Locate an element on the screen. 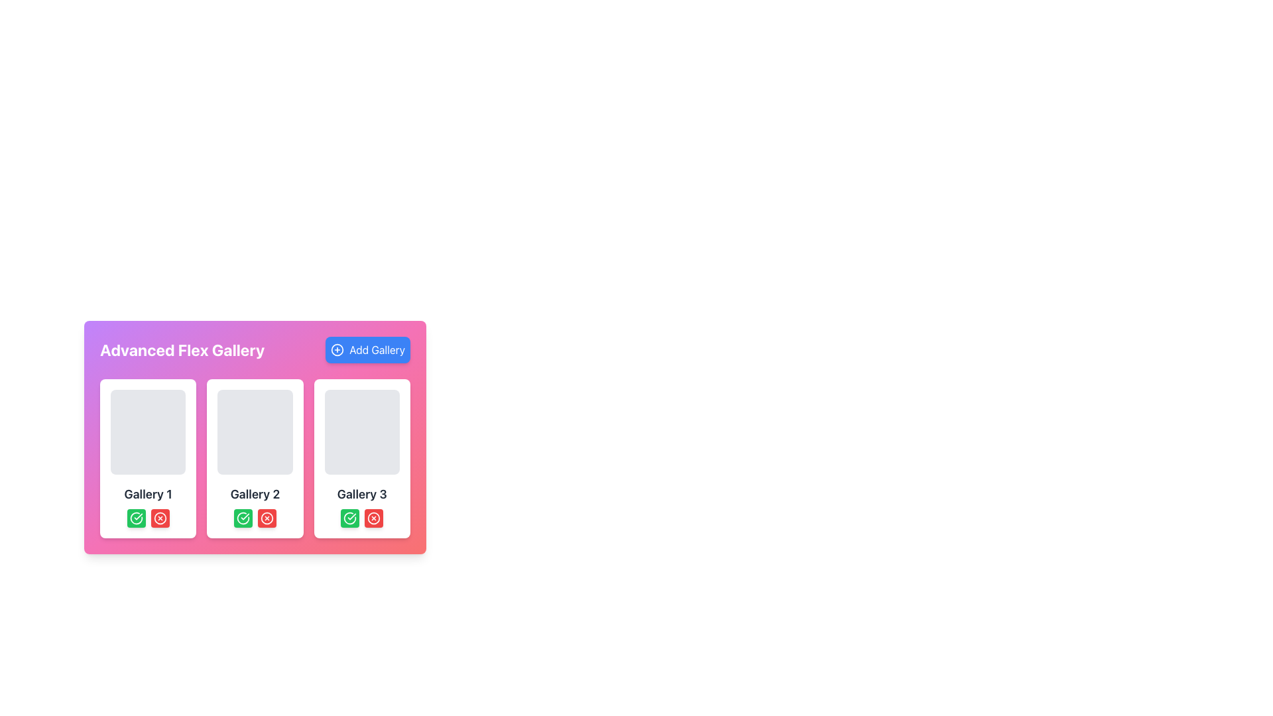 The width and height of the screenshot is (1273, 716). the circular red button with a white cross symbol is located at coordinates (373, 518).